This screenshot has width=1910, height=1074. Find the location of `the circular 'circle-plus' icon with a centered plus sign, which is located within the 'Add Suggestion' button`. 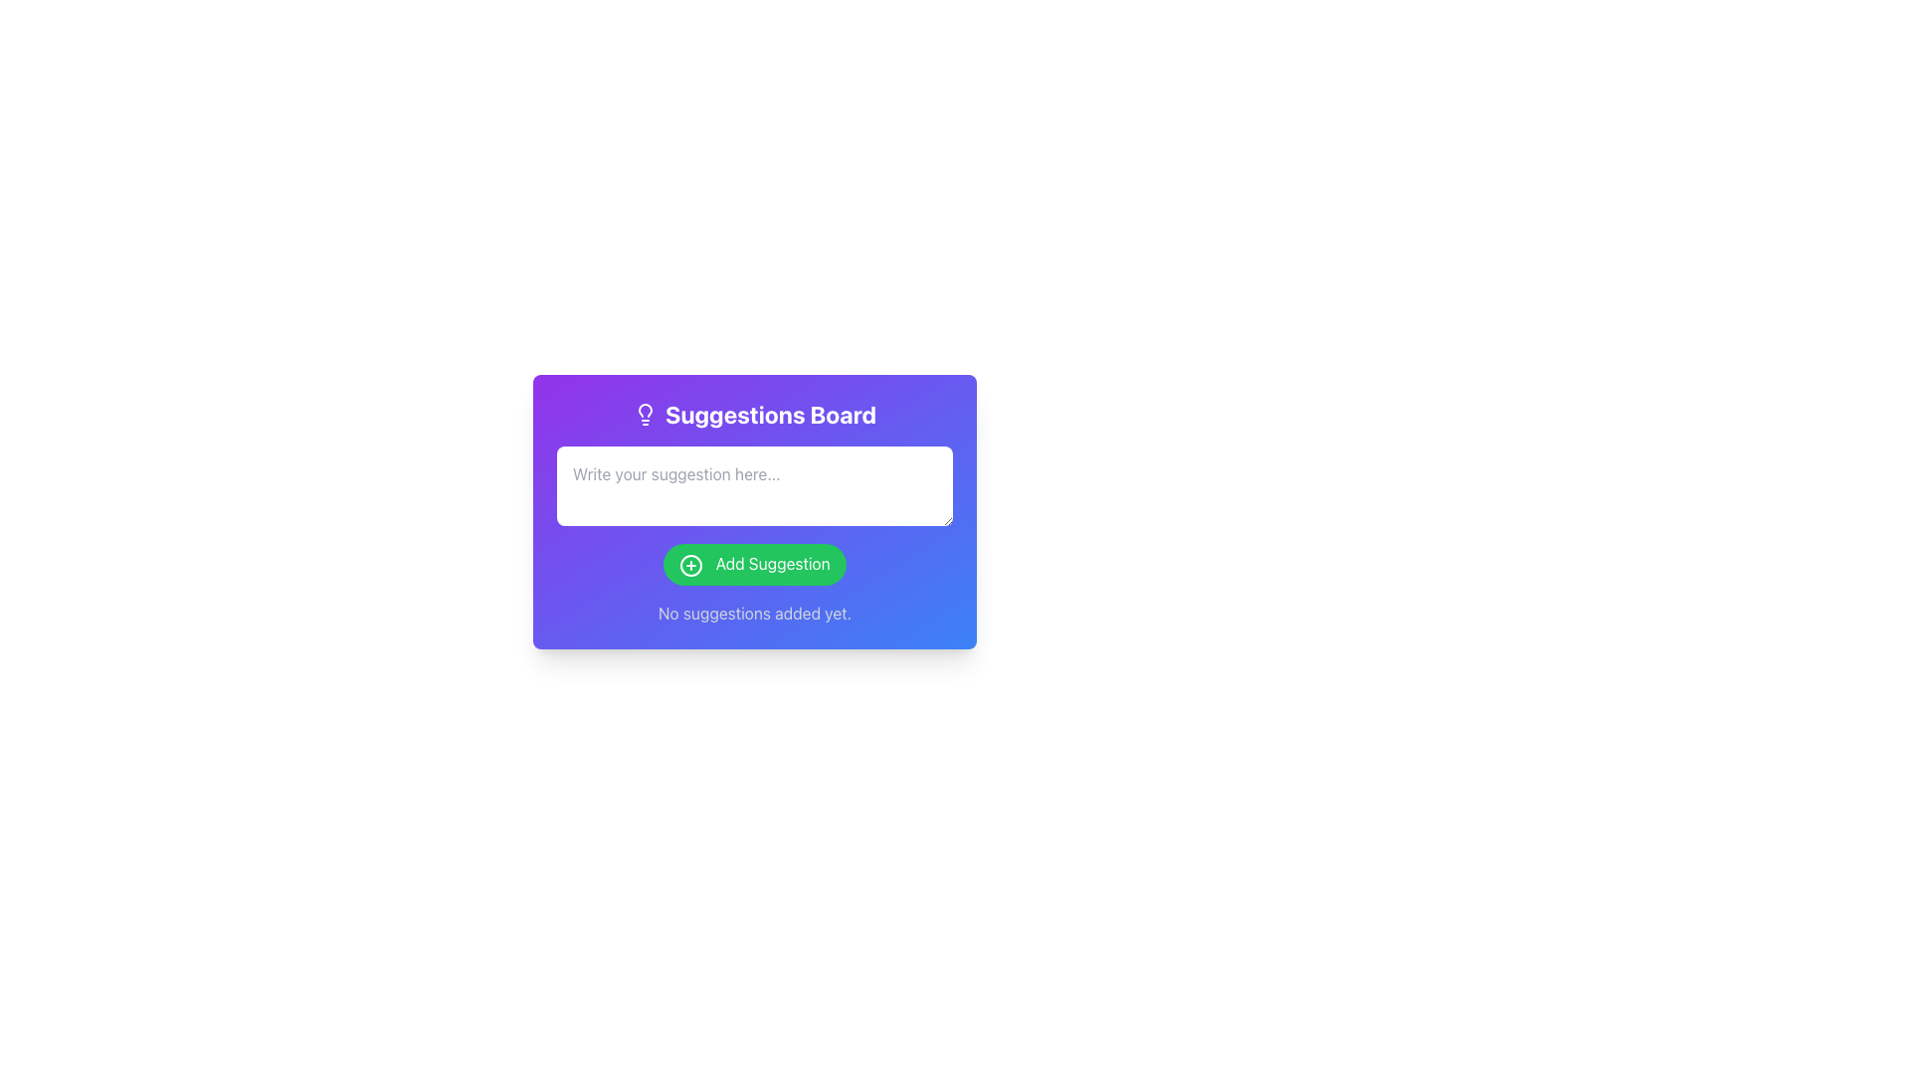

the circular 'circle-plus' icon with a centered plus sign, which is located within the 'Add Suggestion' button is located at coordinates (691, 565).